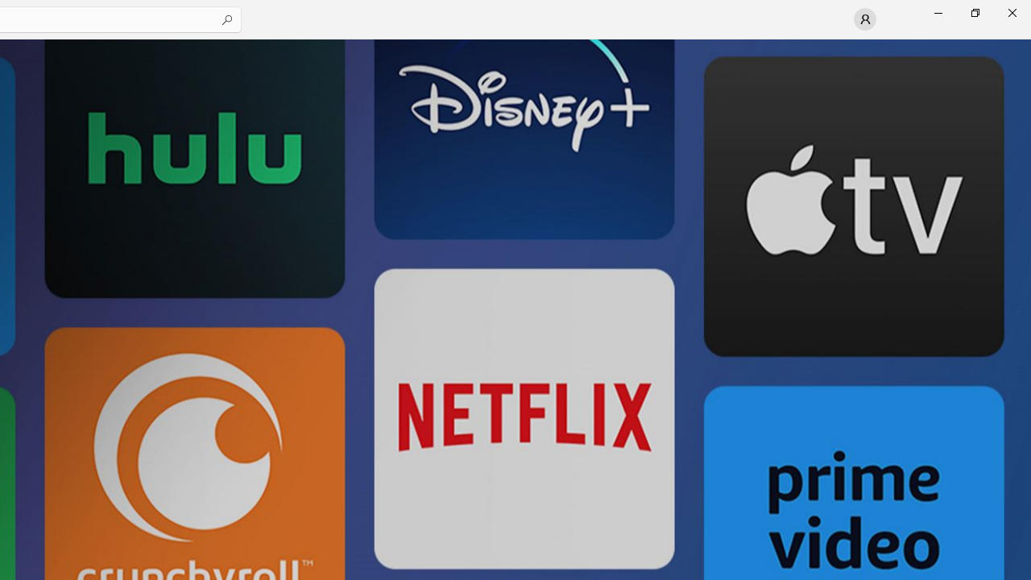  I want to click on 'Minimize Microsoft Store', so click(938, 12).